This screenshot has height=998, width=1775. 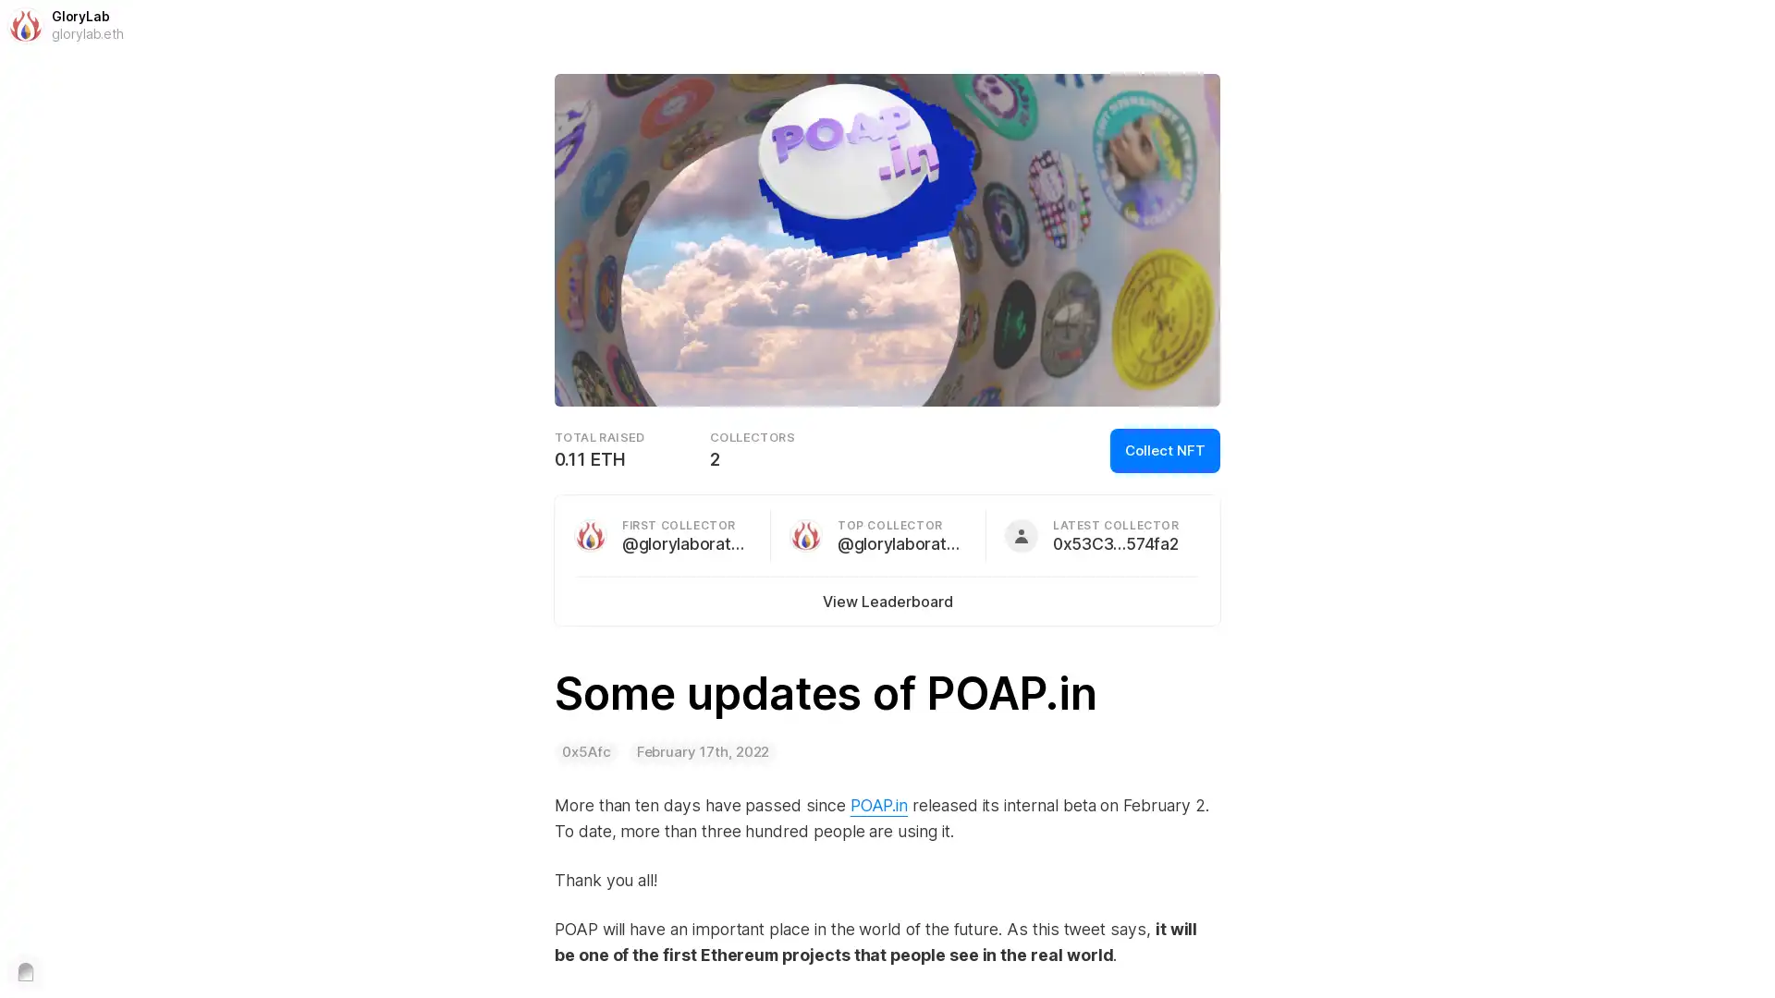 What do you see at coordinates (1164, 451) in the screenshot?
I see `Collect NFT` at bounding box center [1164, 451].